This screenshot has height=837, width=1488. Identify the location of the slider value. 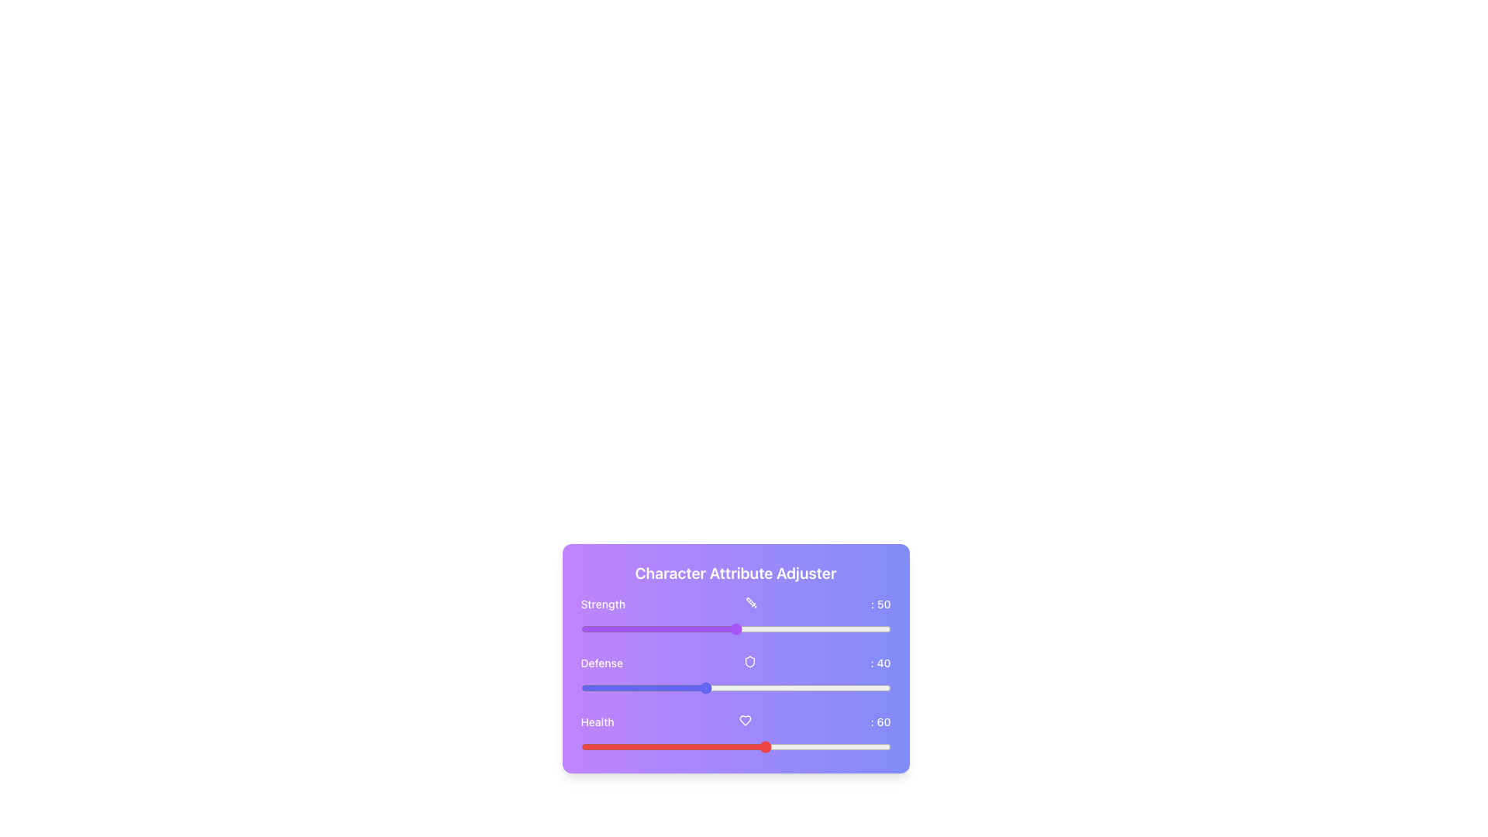
(751, 687).